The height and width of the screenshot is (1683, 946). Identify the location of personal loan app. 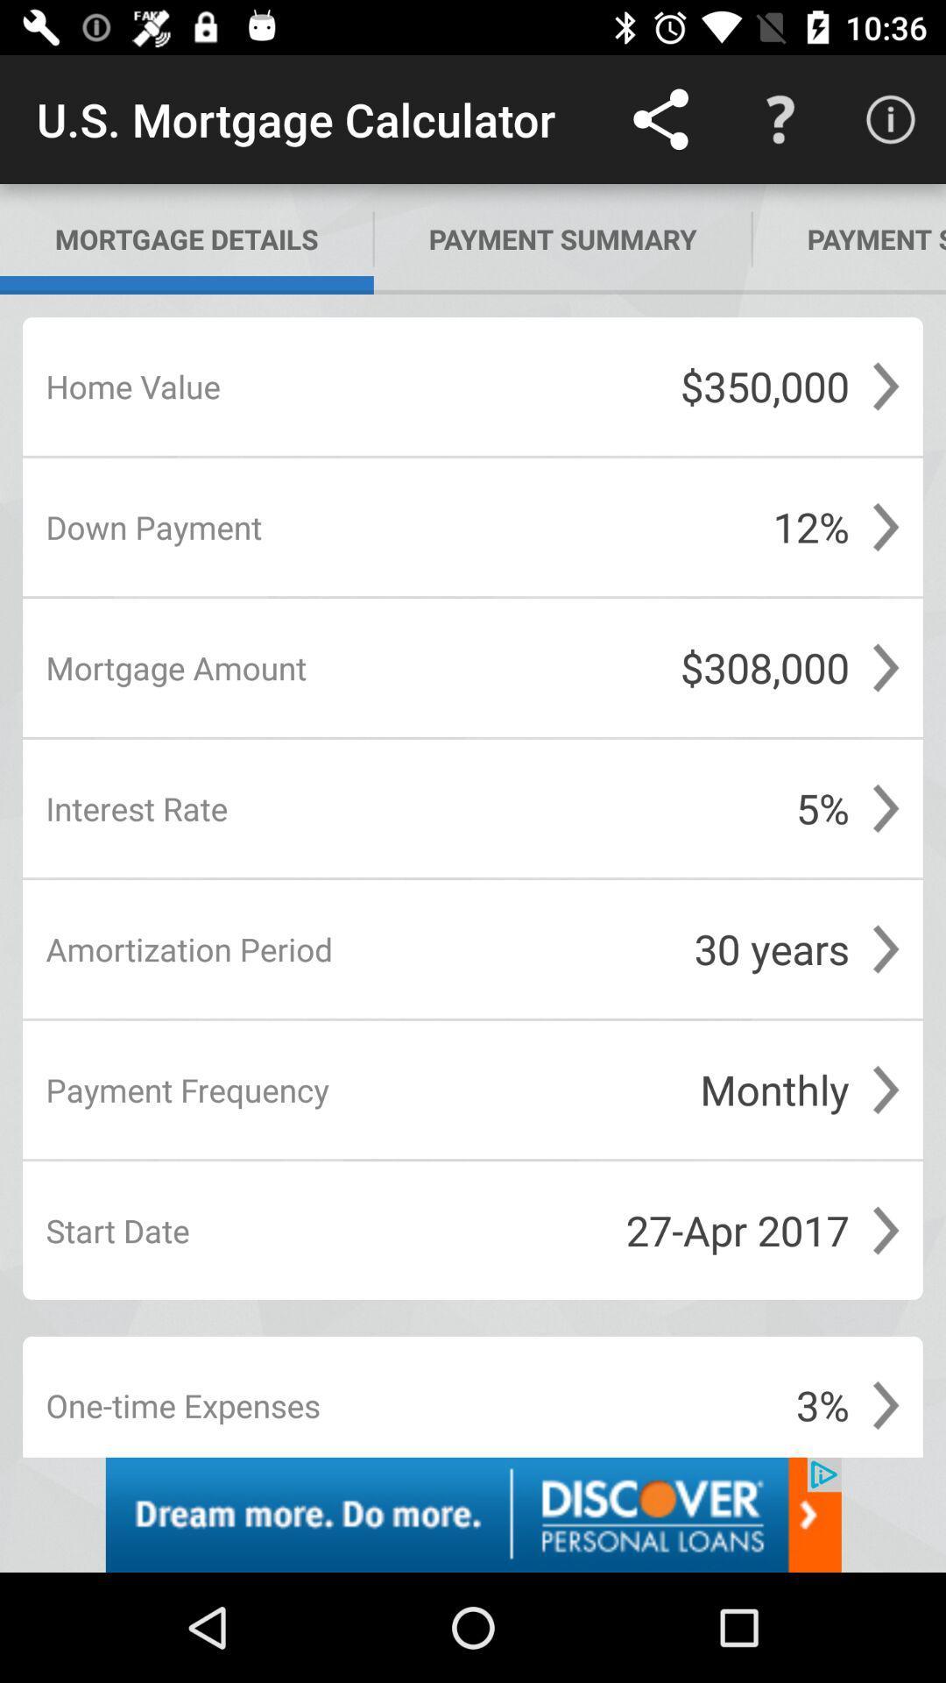
(473, 1514).